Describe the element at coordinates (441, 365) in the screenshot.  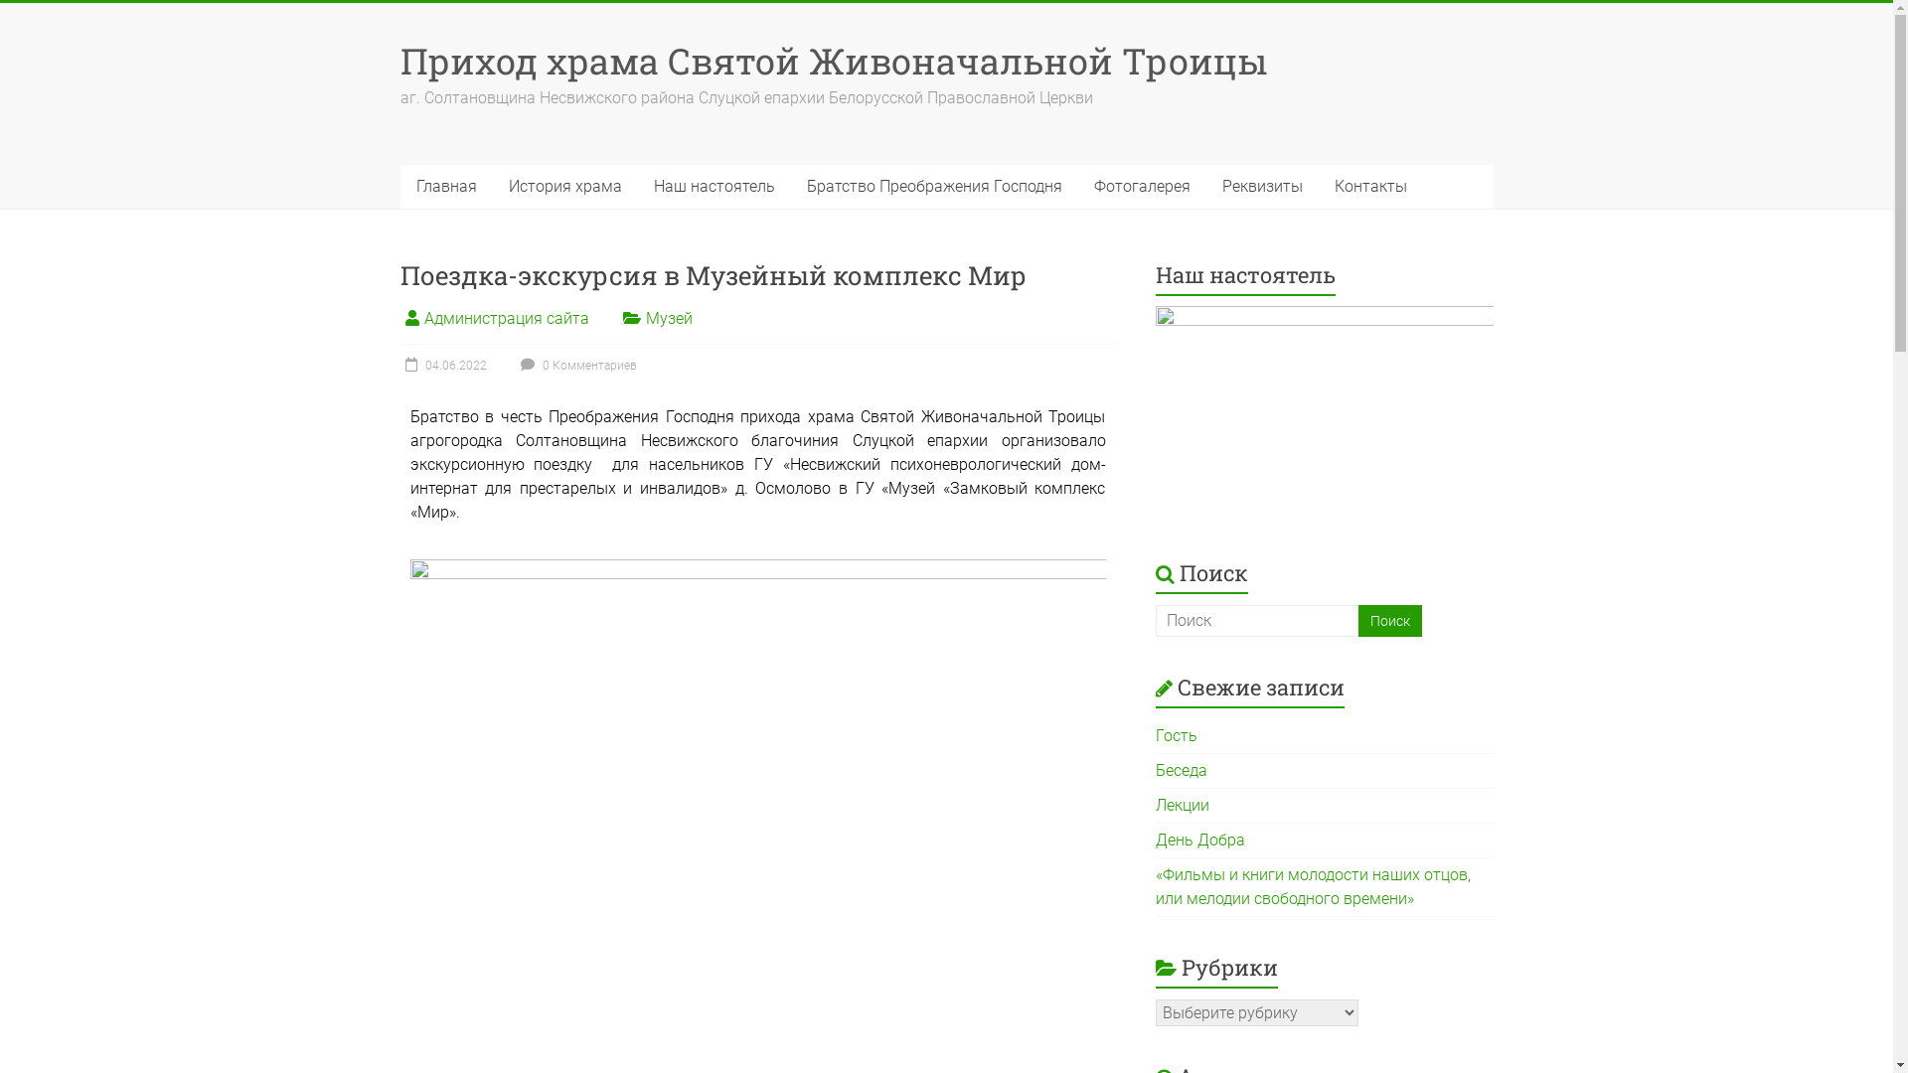
I see `'04.06.2022'` at that location.